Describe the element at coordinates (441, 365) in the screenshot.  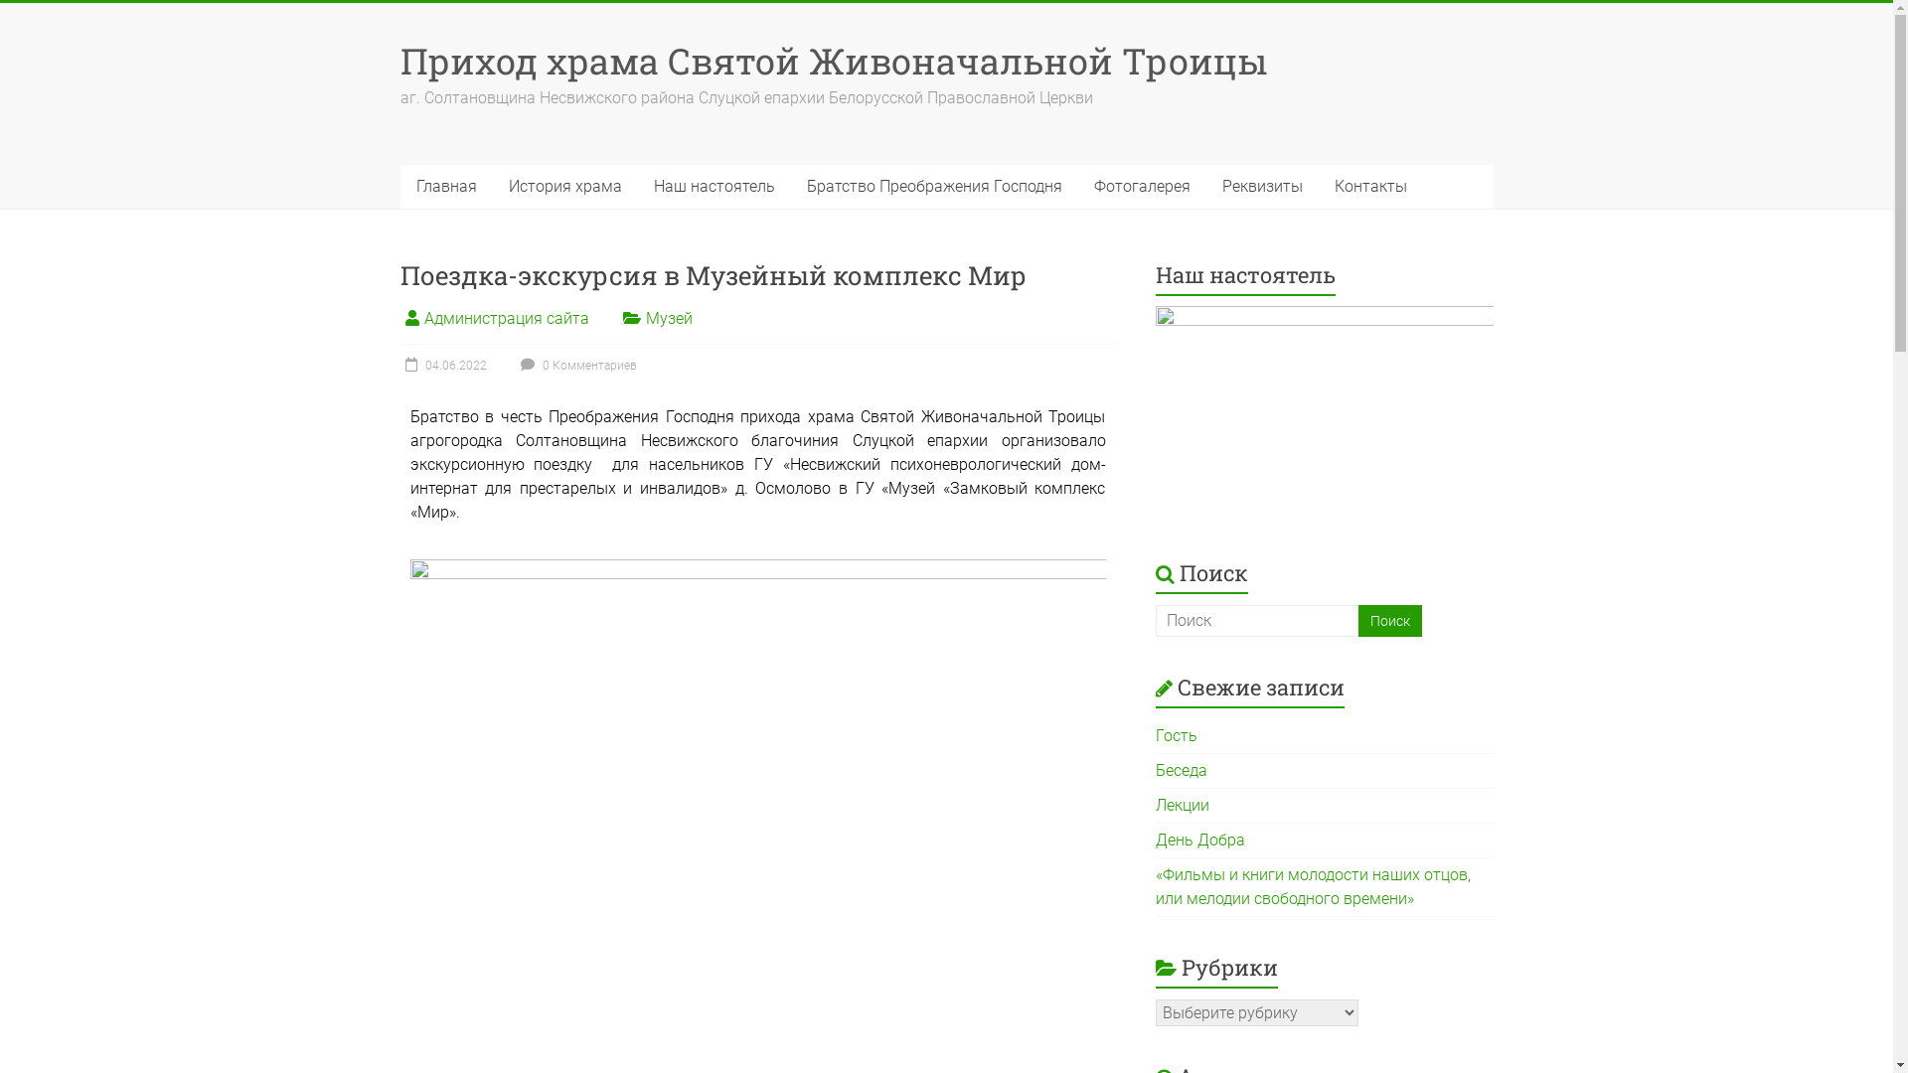
I see `'04.06.2022'` at that location.